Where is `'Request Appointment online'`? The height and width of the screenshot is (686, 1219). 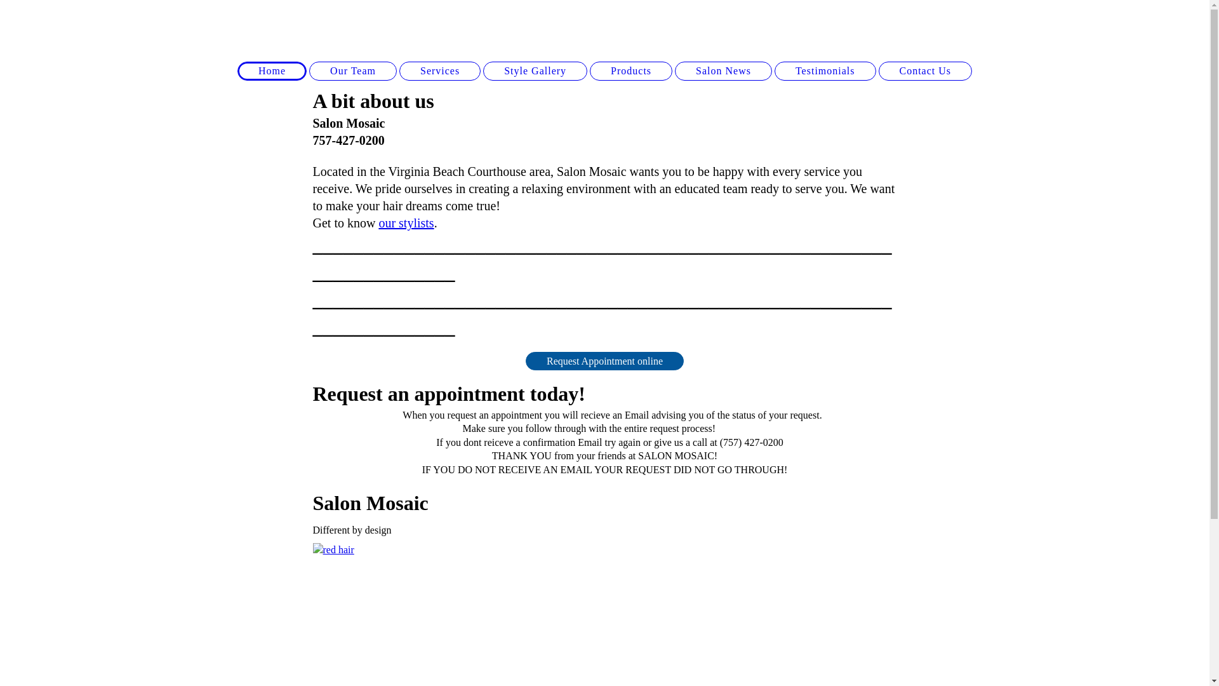 'Request Appointment online' is located at coordinates (604, 361).